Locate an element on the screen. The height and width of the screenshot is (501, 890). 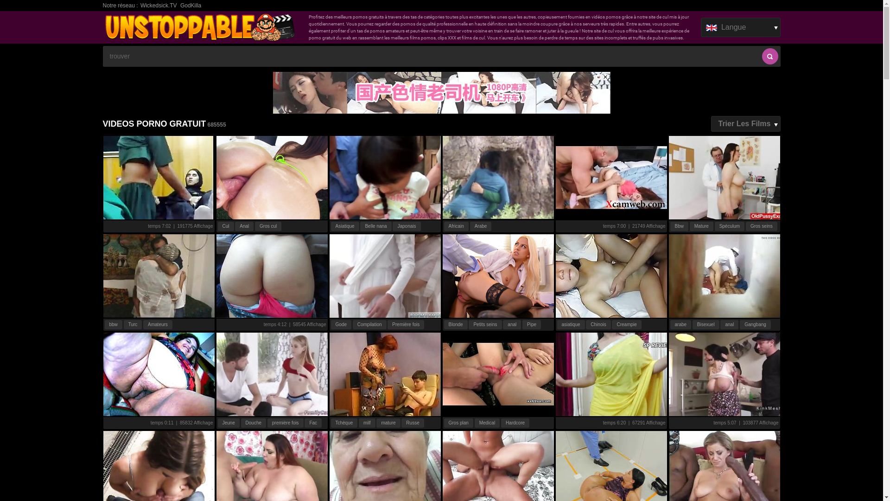
'Hardcore' is located at coordinates (515, 423).